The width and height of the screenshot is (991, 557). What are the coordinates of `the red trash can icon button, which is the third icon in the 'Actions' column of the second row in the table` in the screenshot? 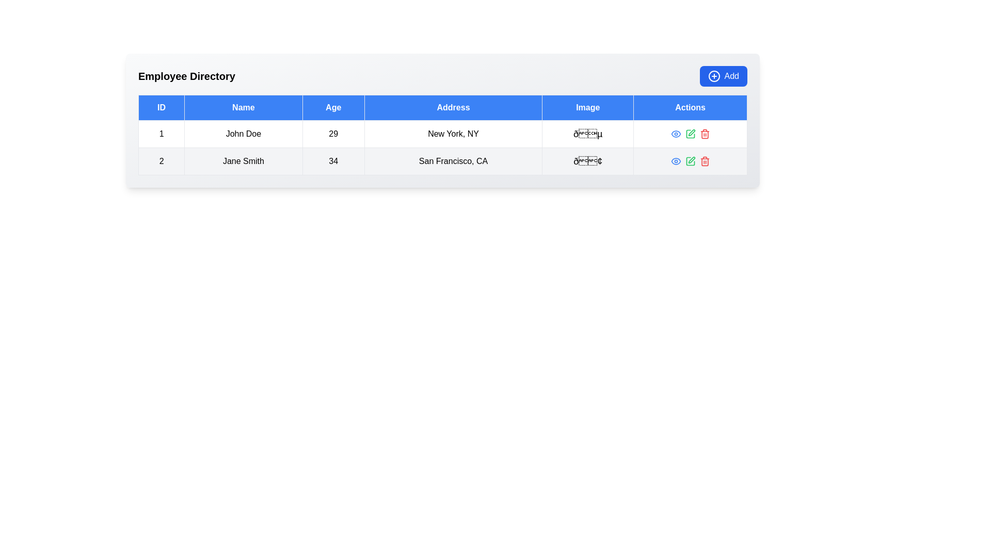 It's located at (704, 161).